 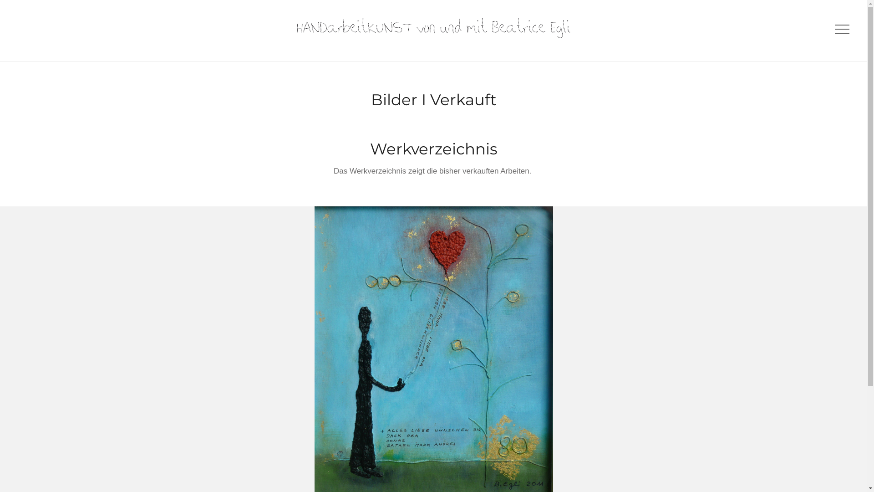 I want to click on 'MENU', so click(x=840, y=29).